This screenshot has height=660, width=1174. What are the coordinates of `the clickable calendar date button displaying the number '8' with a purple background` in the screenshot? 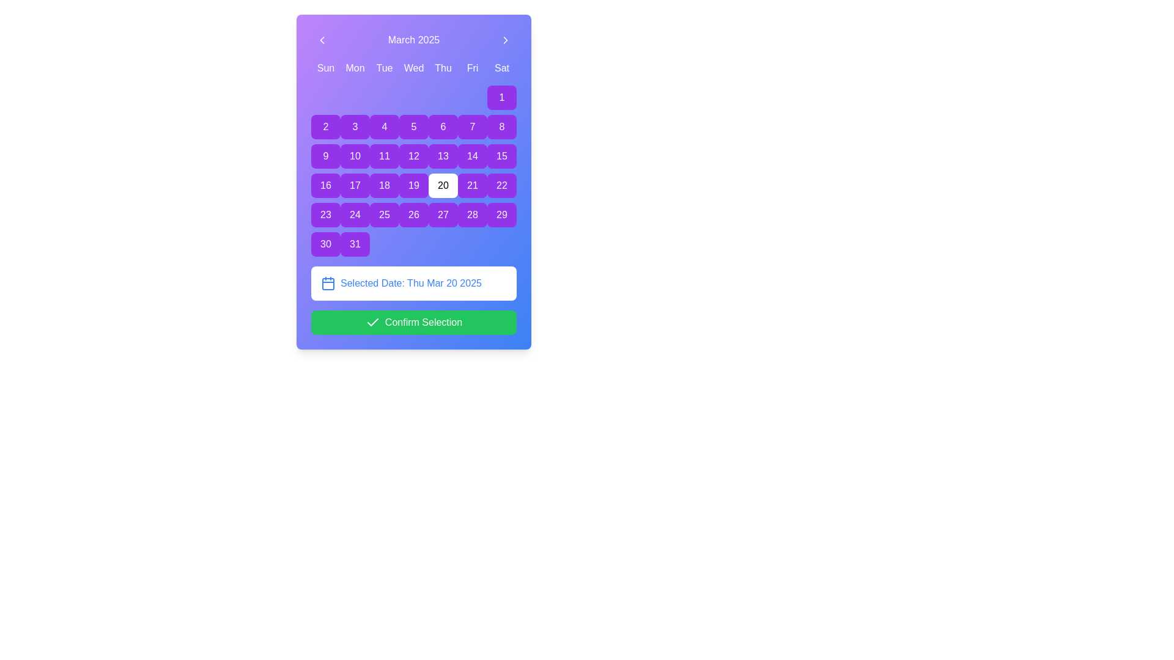 It's located at (501, 127).